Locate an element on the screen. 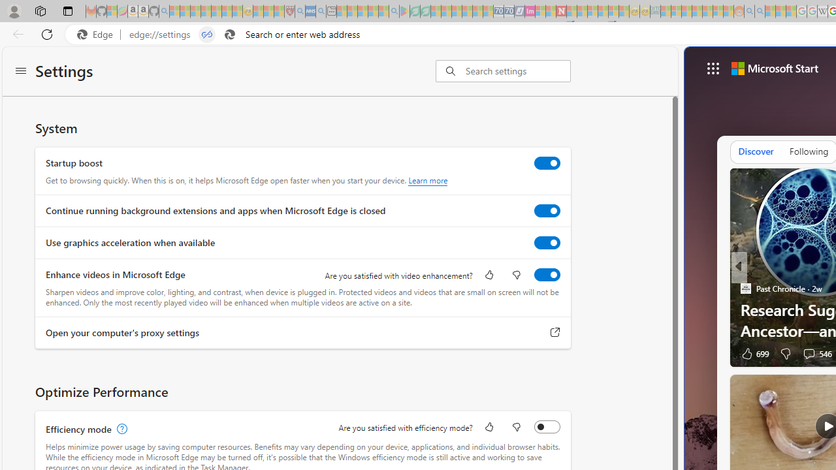 This screenshot has width=836, height=470. 'App launcher' is located at coordinates (713, 69).